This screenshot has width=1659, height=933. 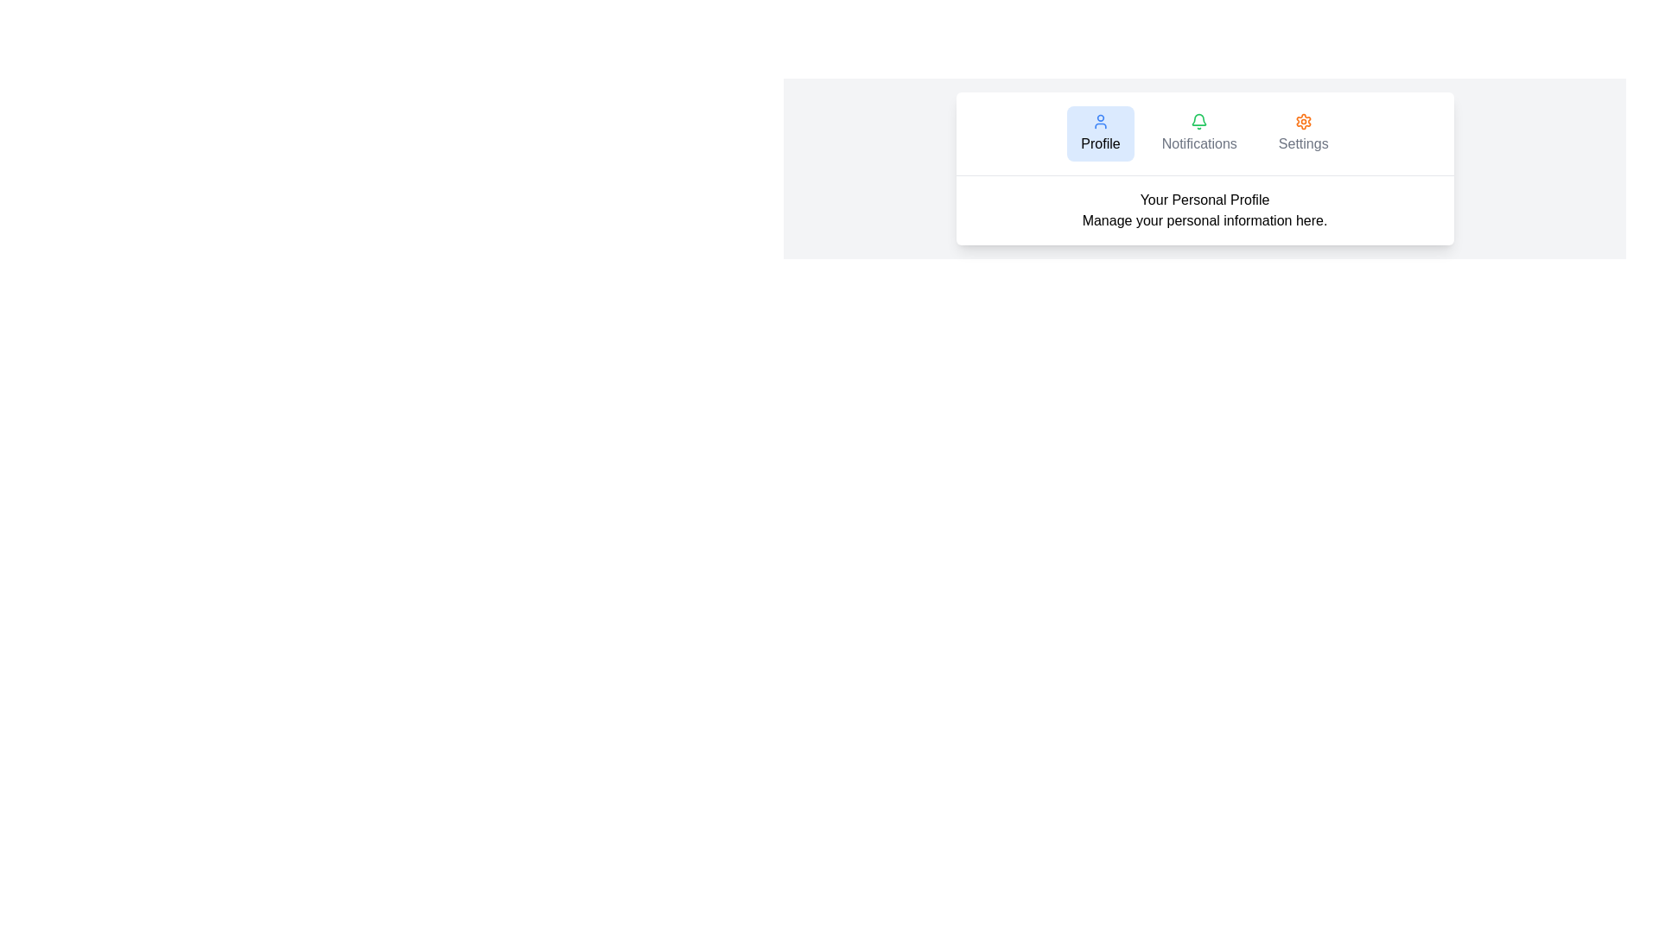 I want to click on the tab labeled Profile to view its content, so click(x=1099, y=132).